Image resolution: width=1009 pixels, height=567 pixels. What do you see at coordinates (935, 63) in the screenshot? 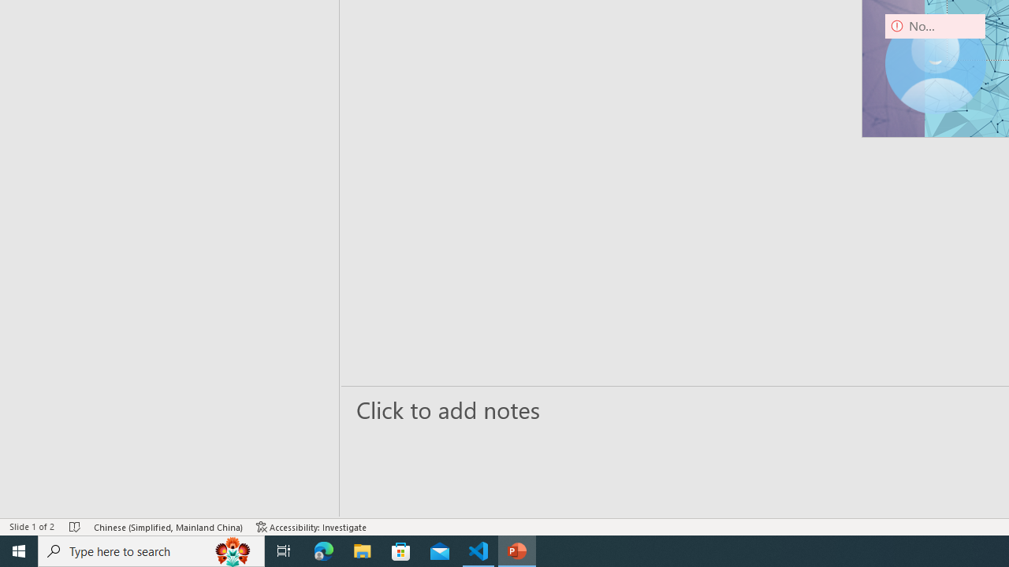
I see `'Camera 9, No camera detected.'` at bounding box center [935, 63].